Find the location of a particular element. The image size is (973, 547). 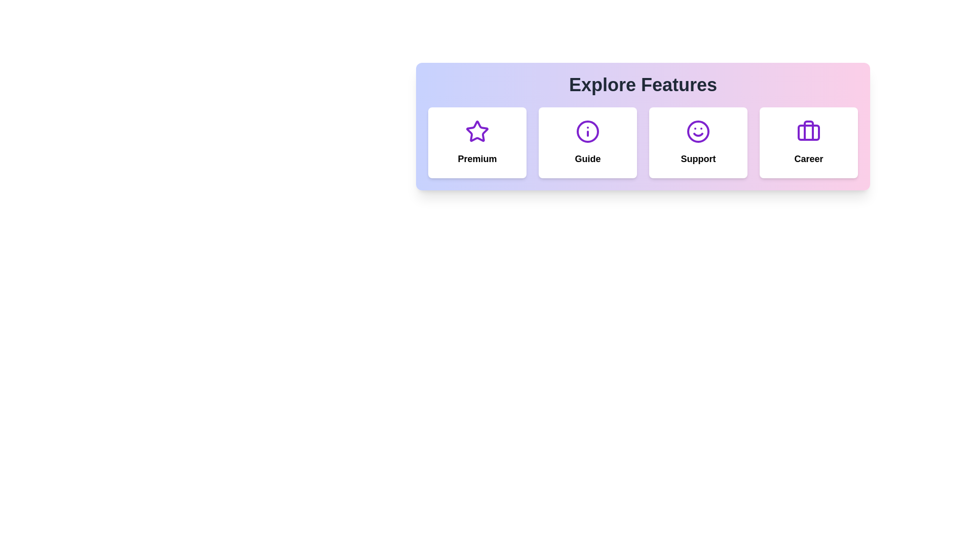

the prominent purple circular icon with a white center displaying an information symbol ('i') inside, located on the 'Guide' card in the 'Explore Features' section is located at coordinates (588, 131).